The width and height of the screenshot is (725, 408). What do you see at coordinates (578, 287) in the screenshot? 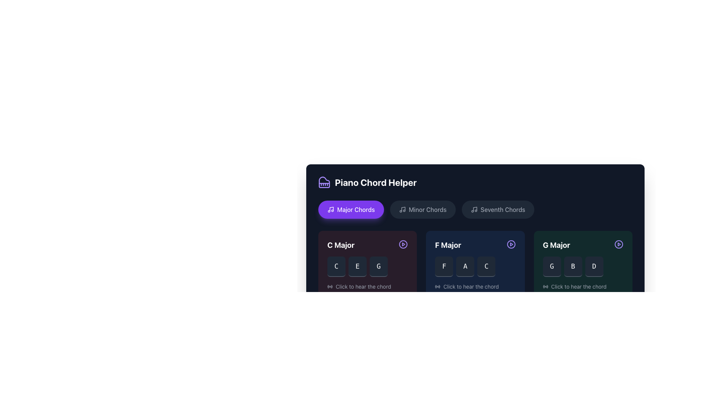
I see `the text label or hyperlink within the G Major chord card` at bounding box center [578, 287].